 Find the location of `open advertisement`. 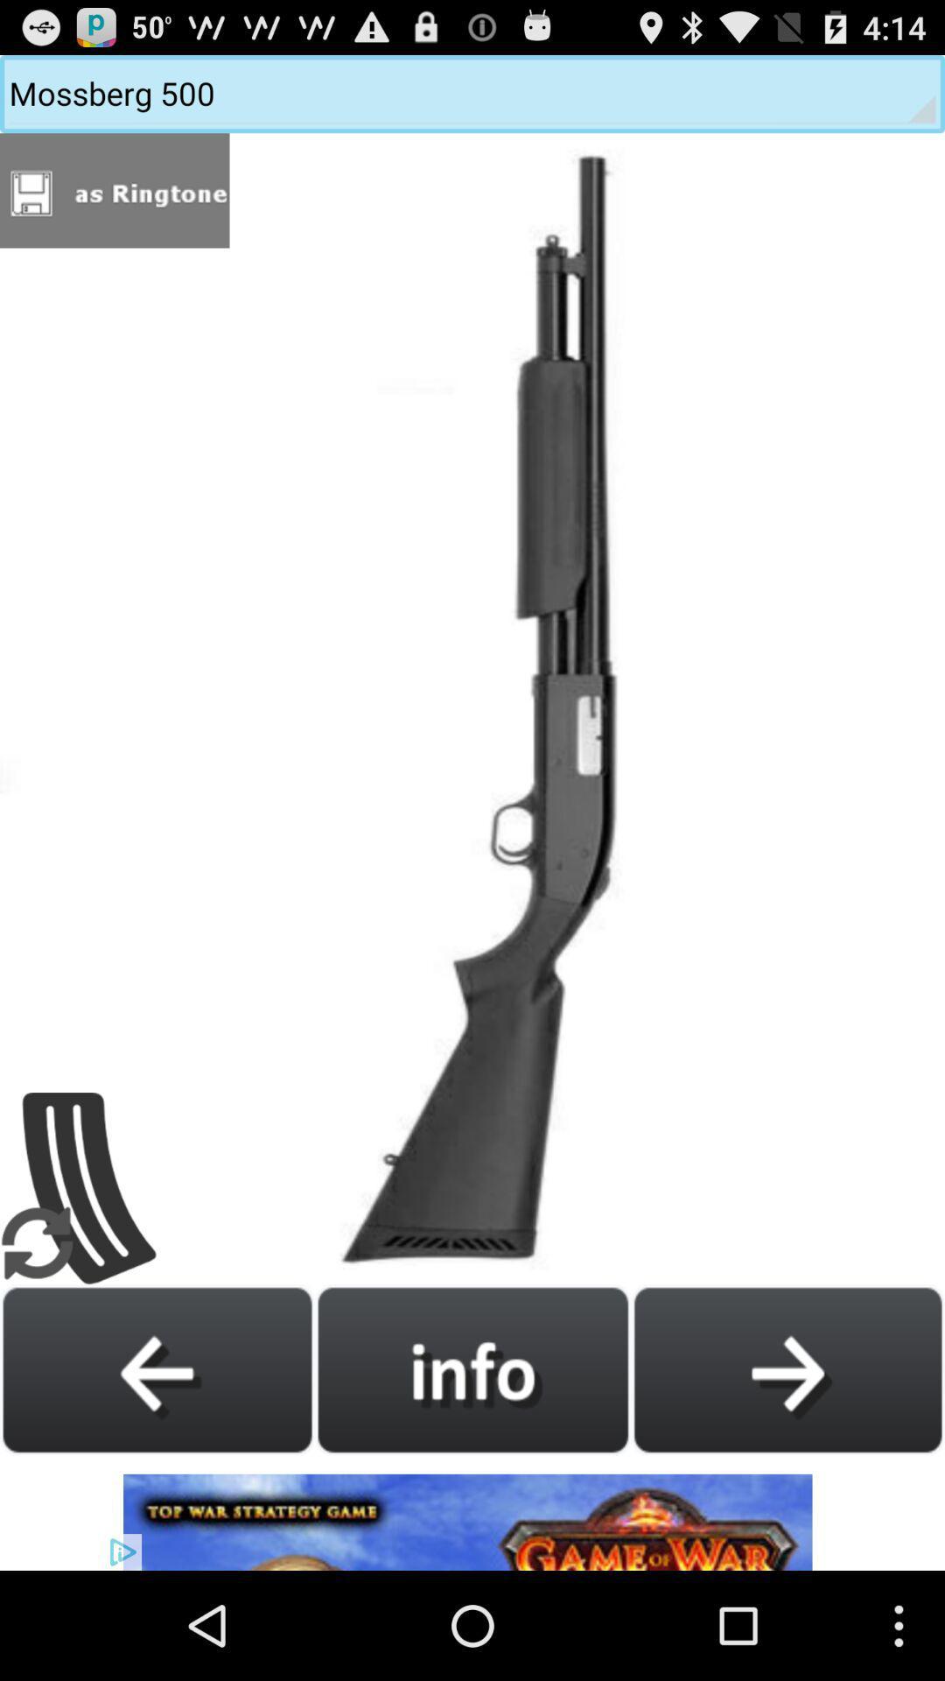

open advertisement is located at coordinates (472, 1512).